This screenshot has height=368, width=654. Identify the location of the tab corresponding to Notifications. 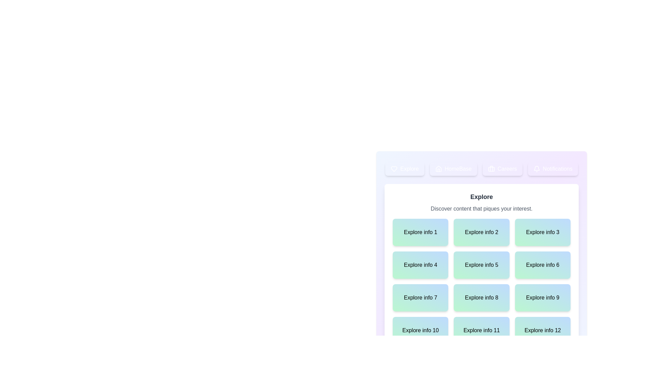
(553, 169).